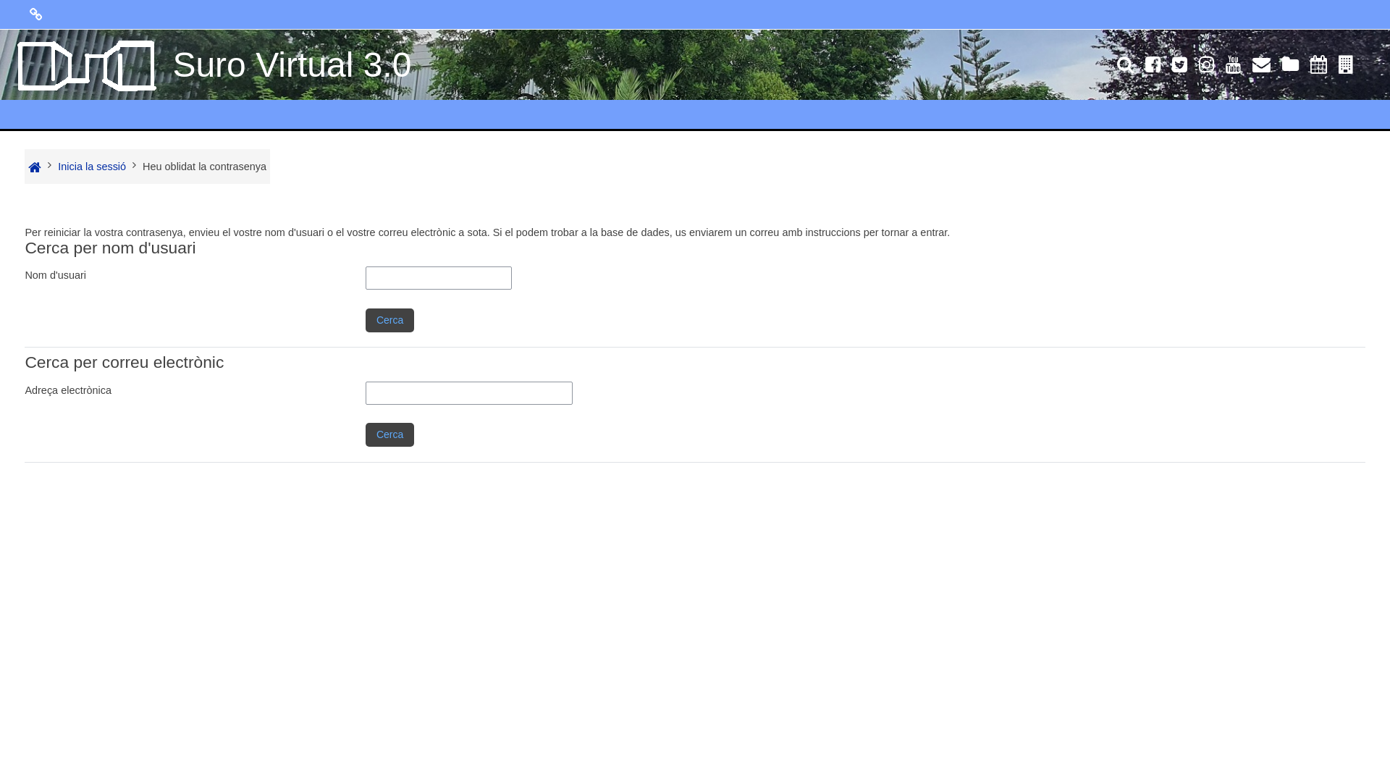 The image size is (1390, 782). I want to click on 'Instagram de centre', so click(1206, 67).